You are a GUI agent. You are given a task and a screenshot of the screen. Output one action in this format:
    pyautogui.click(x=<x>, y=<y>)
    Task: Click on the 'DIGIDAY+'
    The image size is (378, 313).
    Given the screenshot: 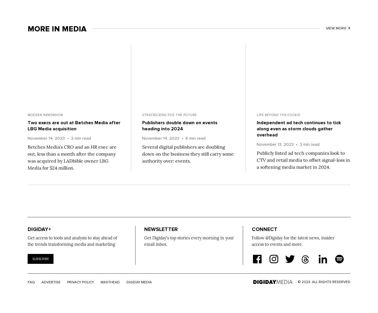 What is the action you would take?
    pyautogui.click(x=39, y=229)
    